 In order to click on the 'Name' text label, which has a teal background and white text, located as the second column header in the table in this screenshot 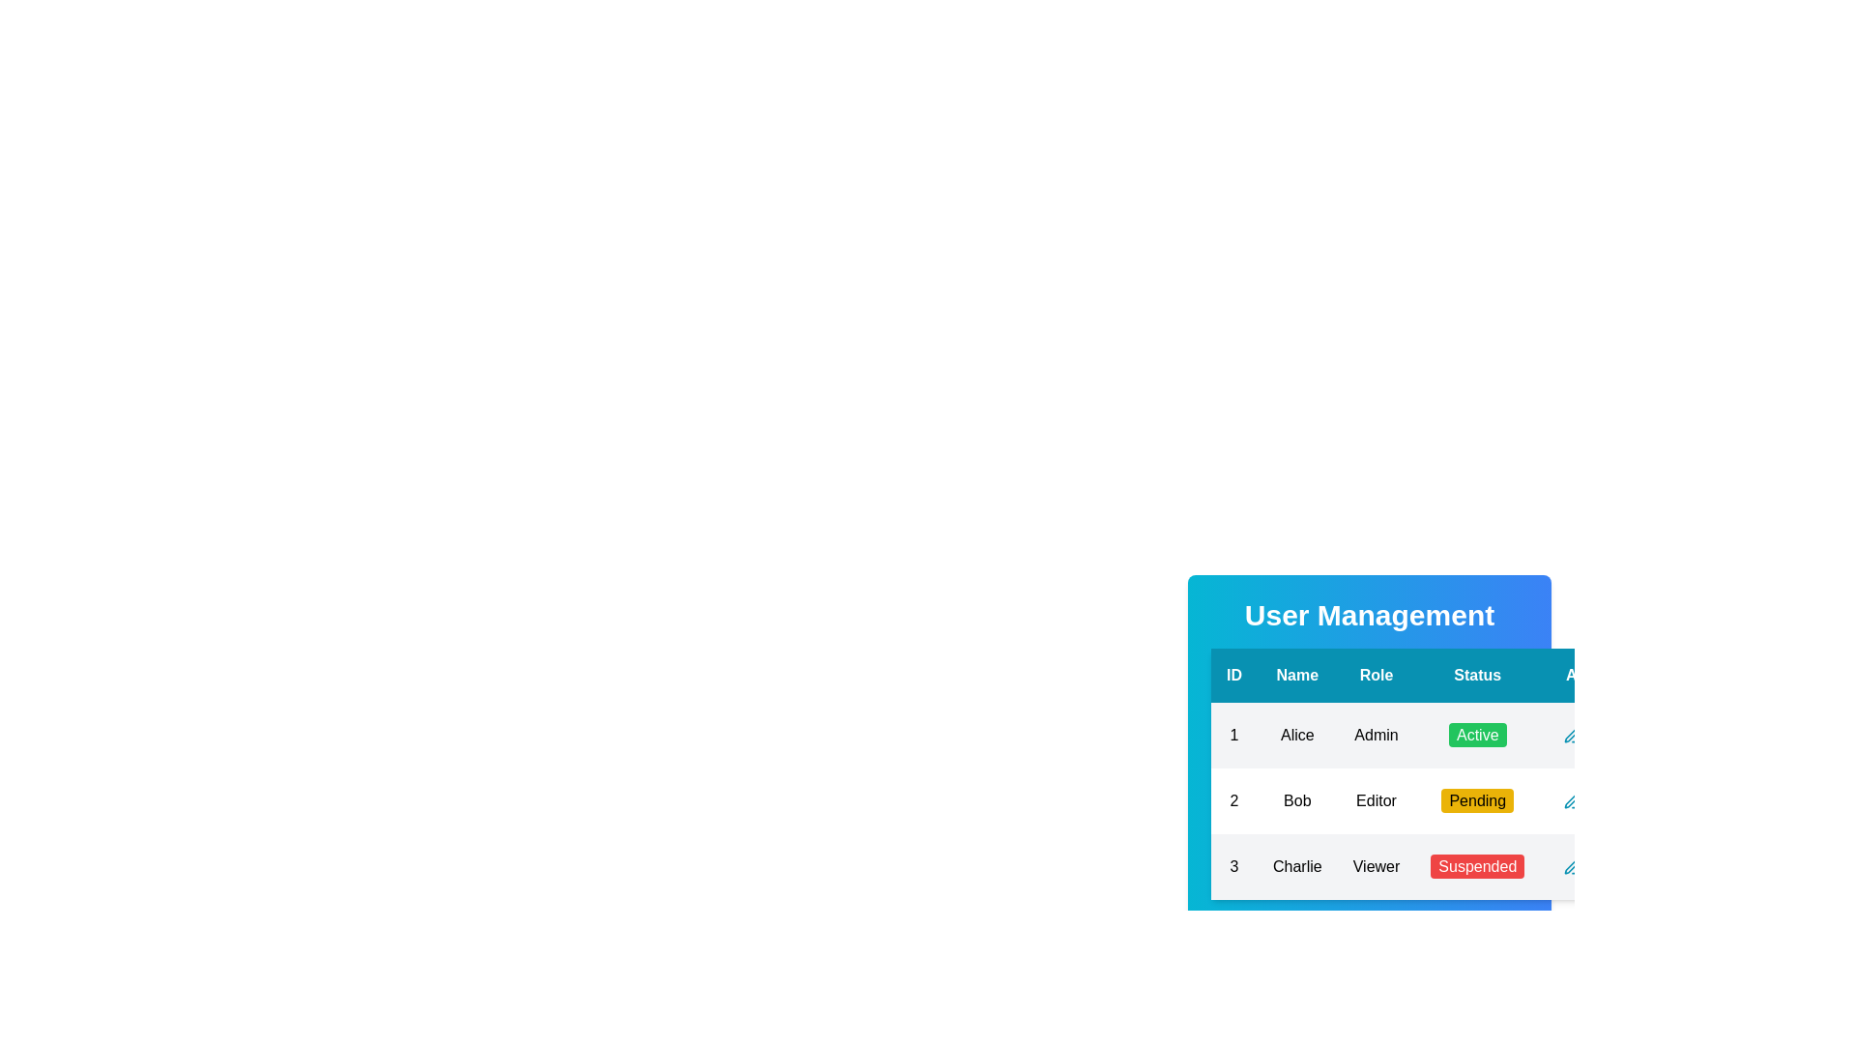, I will do `click(1297, 674)`.